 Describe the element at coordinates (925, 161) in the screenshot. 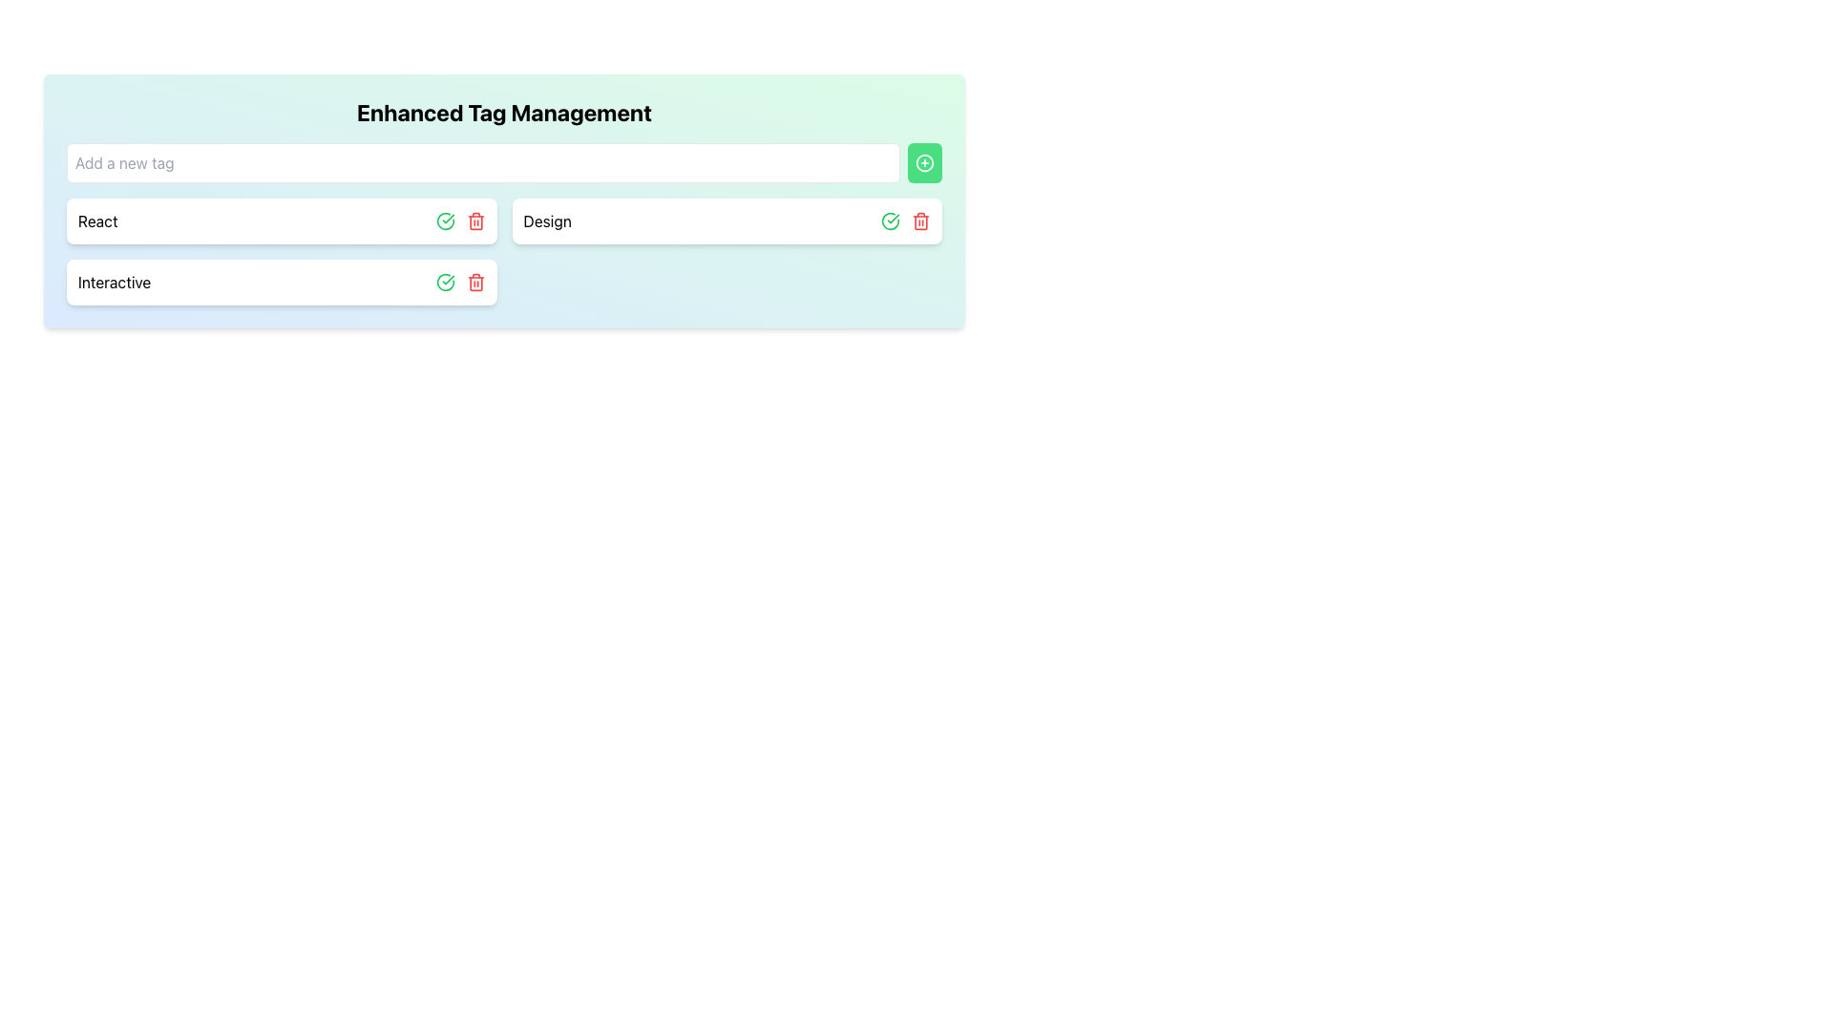

I see `the button located in the top-right corner of the interface` at that location.